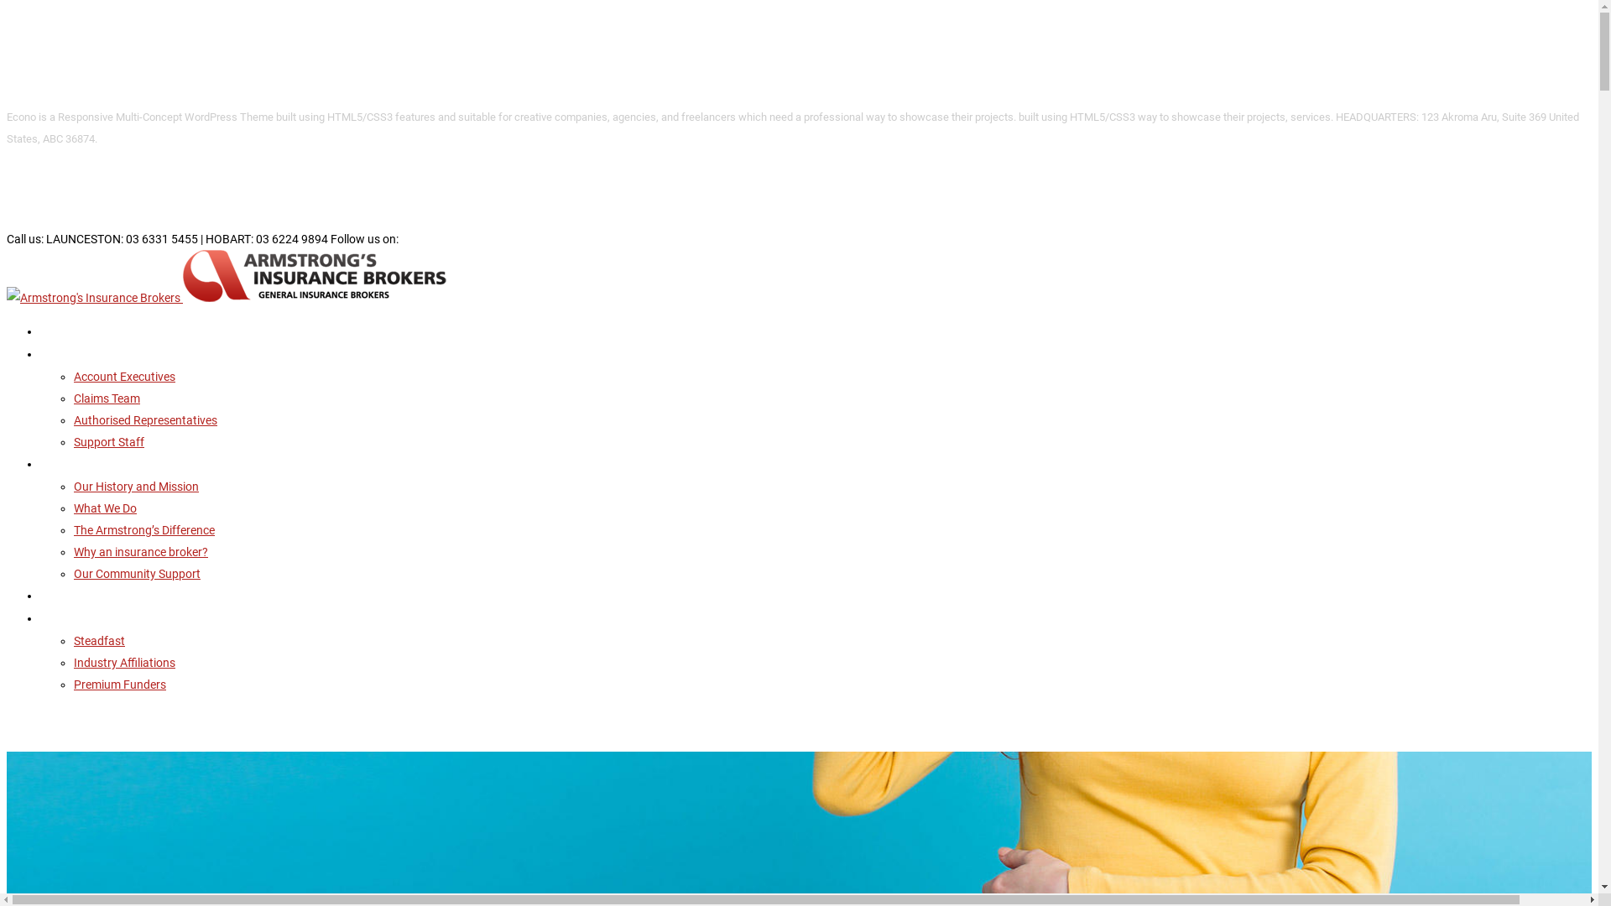 This screenshot has width=1611, height=906. What do you see at coordinates (40, 464) in the screenshot?
I see `'ABOUT US'` at bounding box center [40, 464].